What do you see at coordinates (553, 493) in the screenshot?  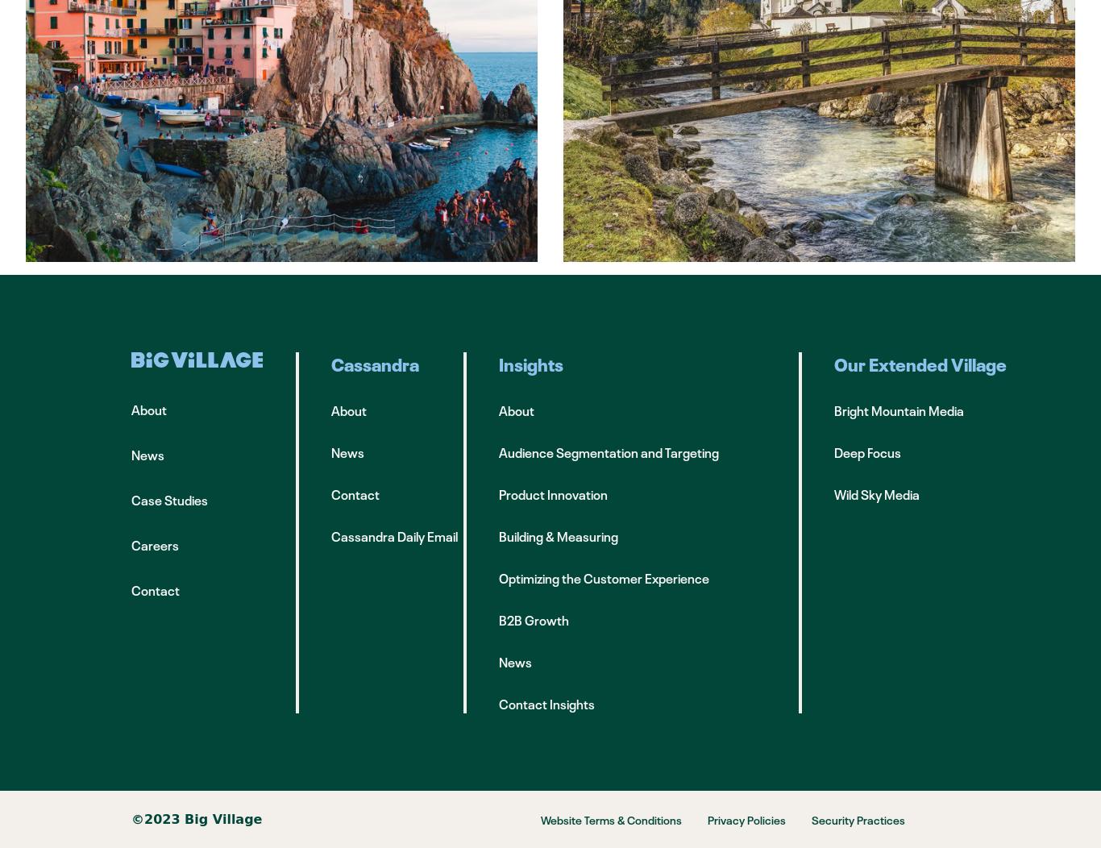 I see `'Product Innovation'` at bounding box center [553, 493].